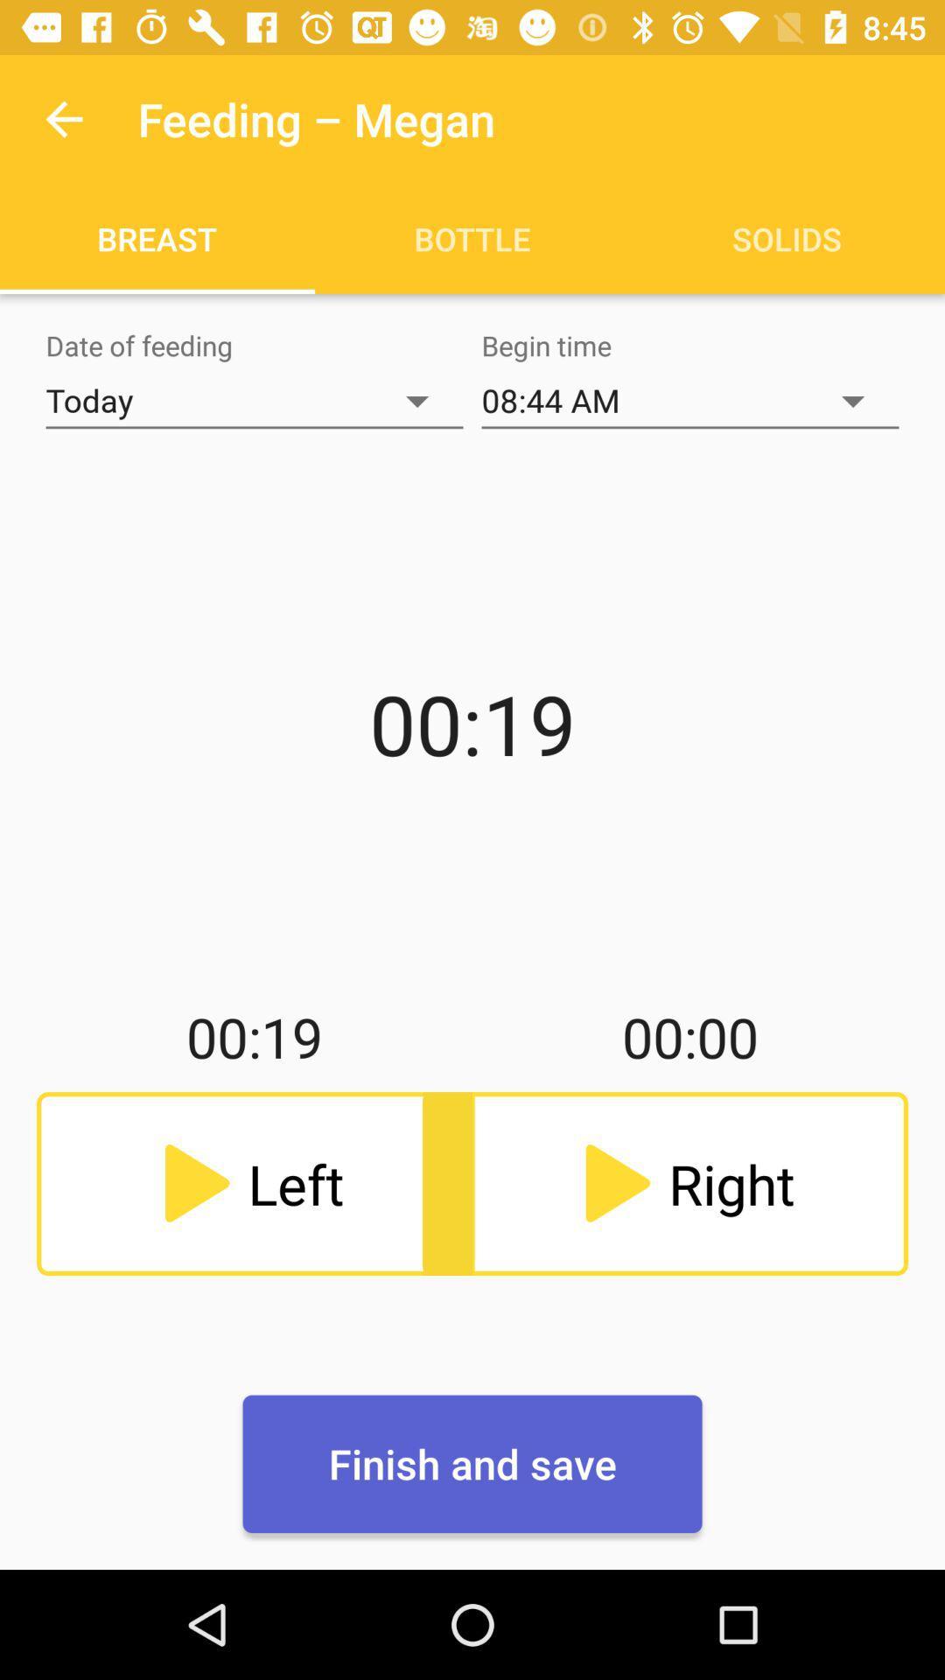 This screenshot has width=945, height=1680. What do you see at coordinates (63, 118) in the screenshot?
I see `icon above the breast` at bounding box center [63, 118].